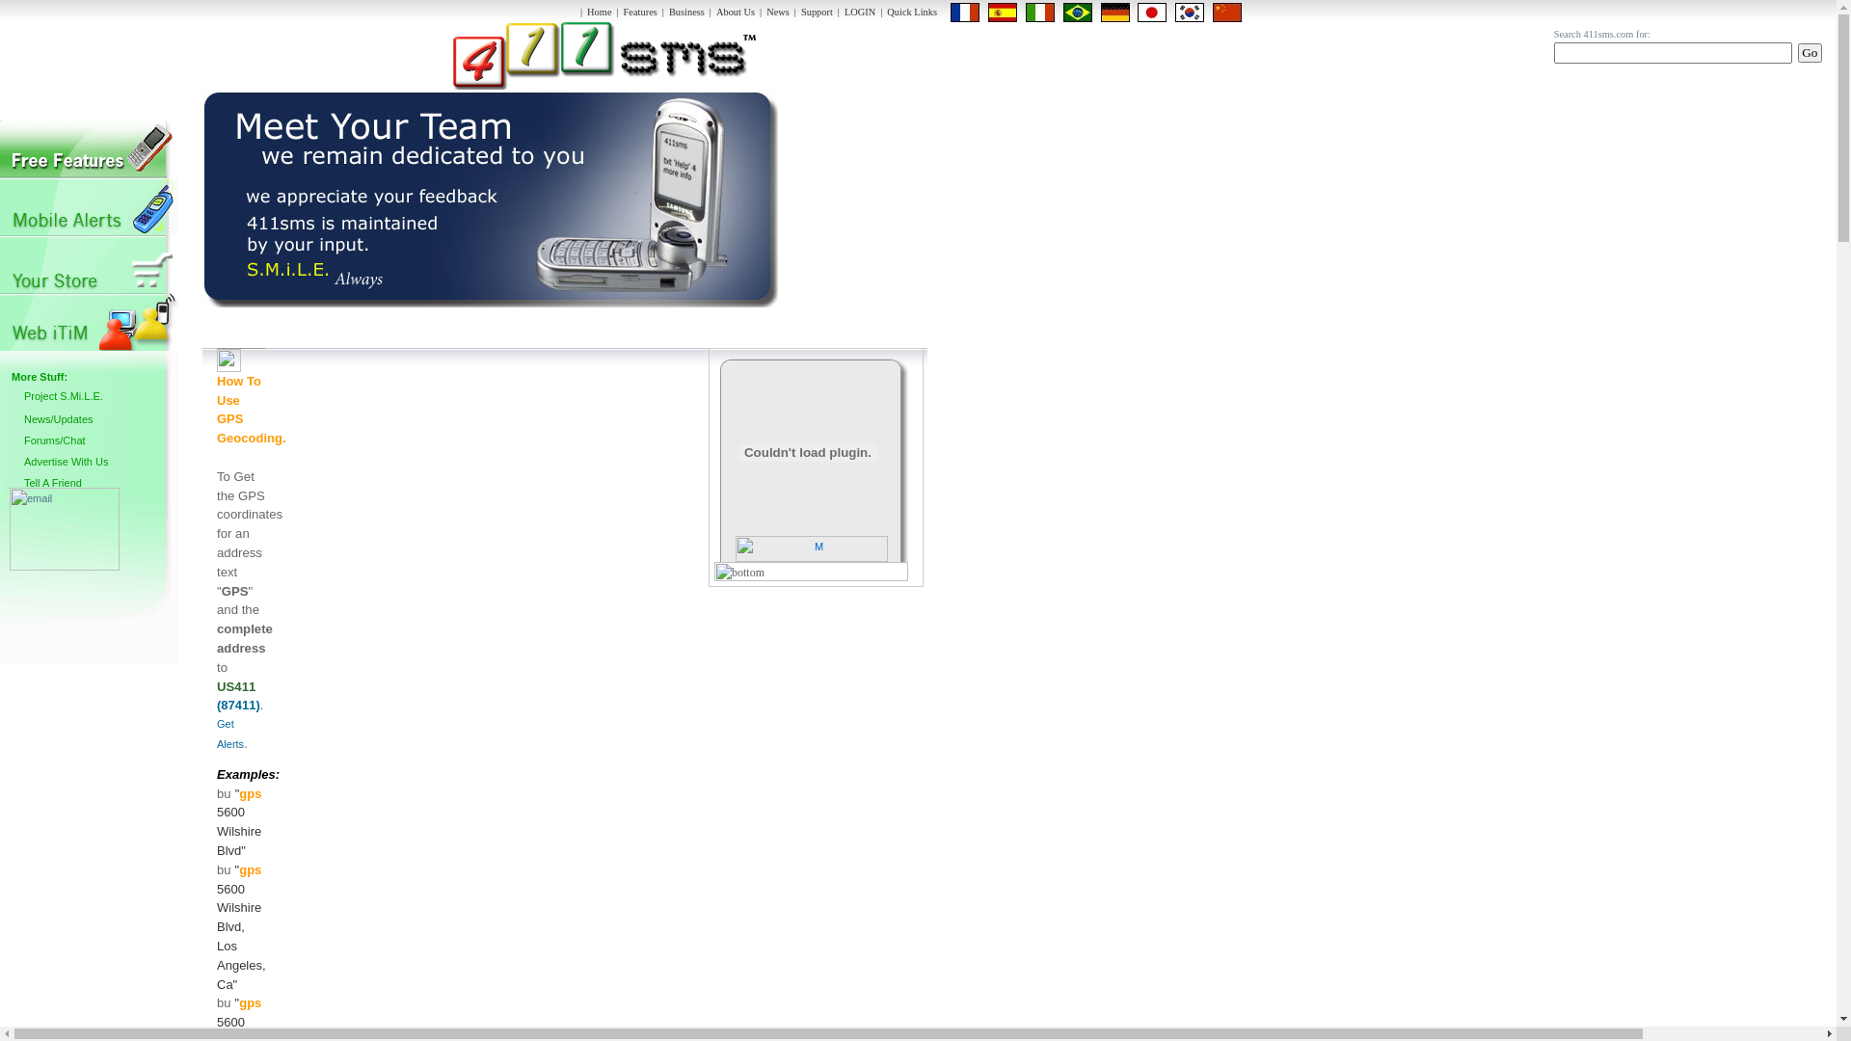  What do you see at coordinates (0, 464) in the screenshot?
I see `'Advertise With Us'` at bounding box center [0, 464].